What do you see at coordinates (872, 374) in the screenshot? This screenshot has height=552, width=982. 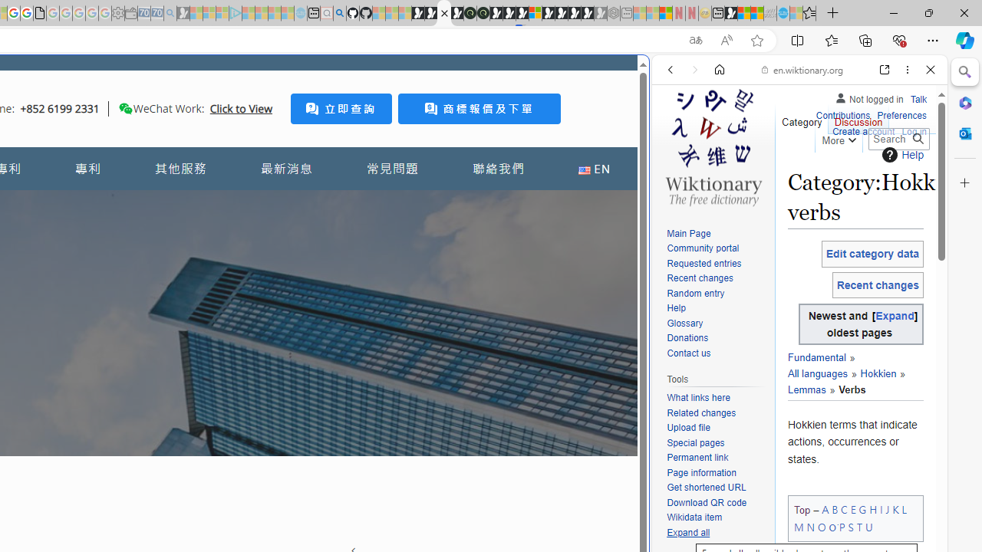 I see `'Hokkien'` at bounding box center [872, 374].